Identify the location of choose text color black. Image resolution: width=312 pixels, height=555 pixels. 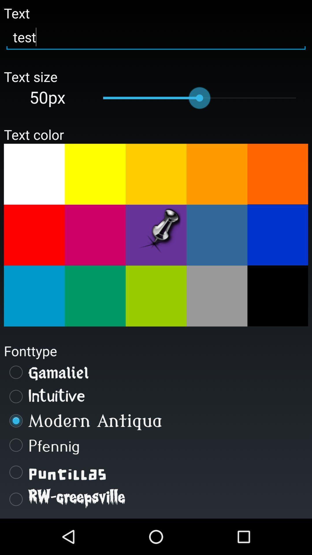
(277, 296).